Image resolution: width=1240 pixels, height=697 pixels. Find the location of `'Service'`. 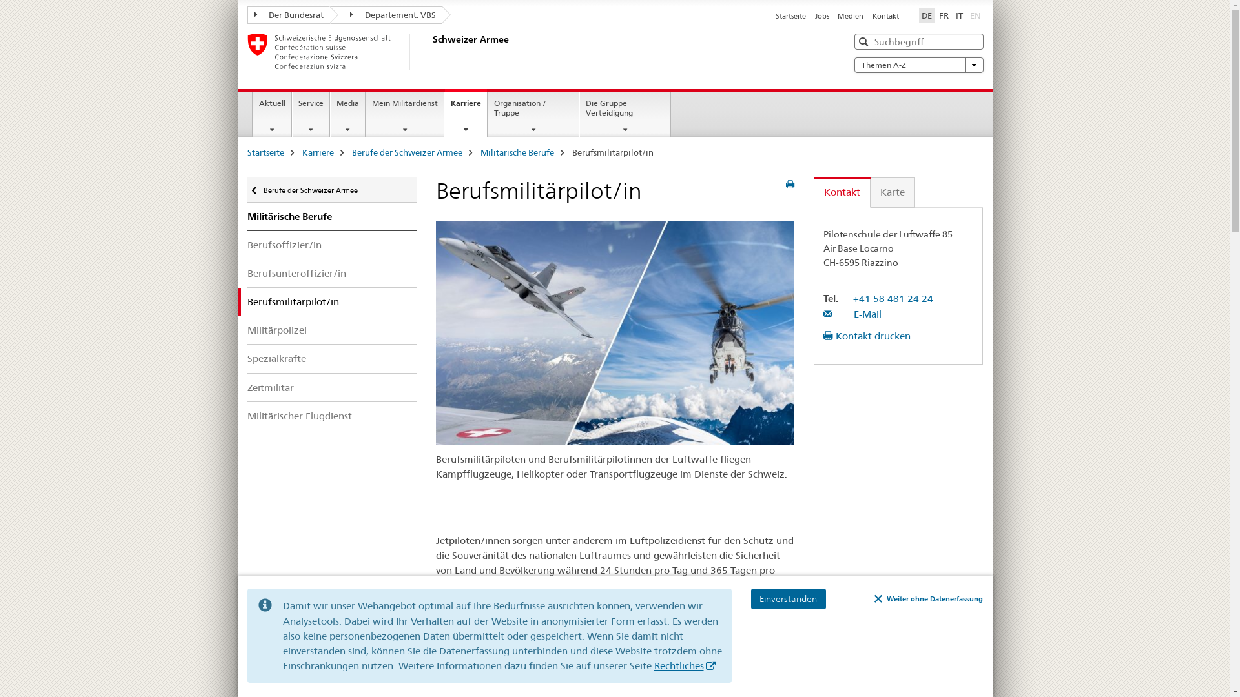

'Service' is located at coordinates (311, 114).